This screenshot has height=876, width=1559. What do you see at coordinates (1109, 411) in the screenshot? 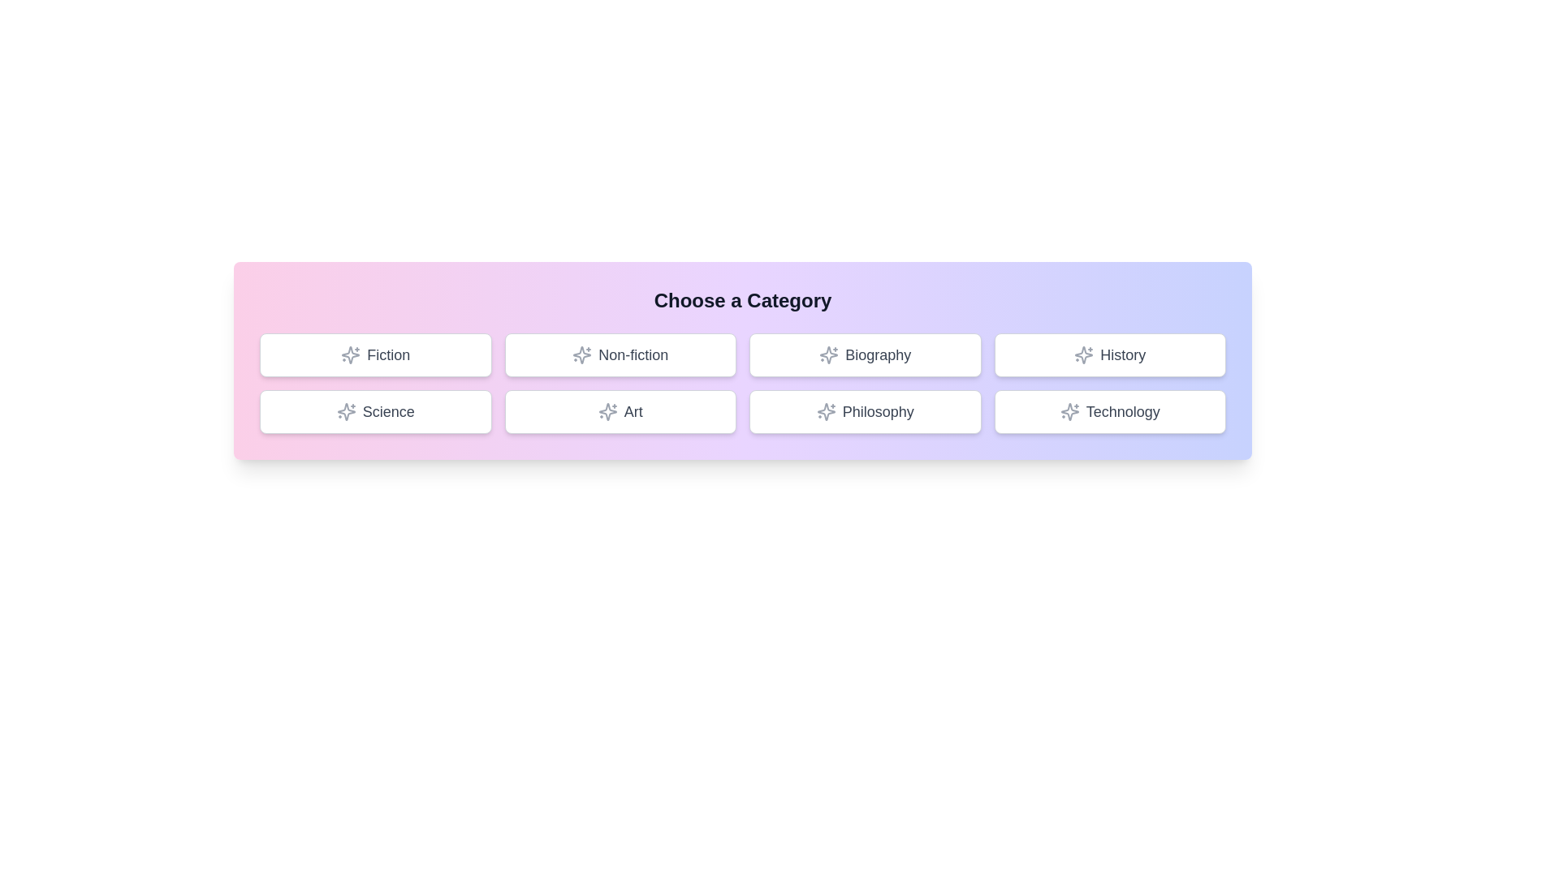
I see `the button labeled Technology to select it` at bounding box center [1109, 411].